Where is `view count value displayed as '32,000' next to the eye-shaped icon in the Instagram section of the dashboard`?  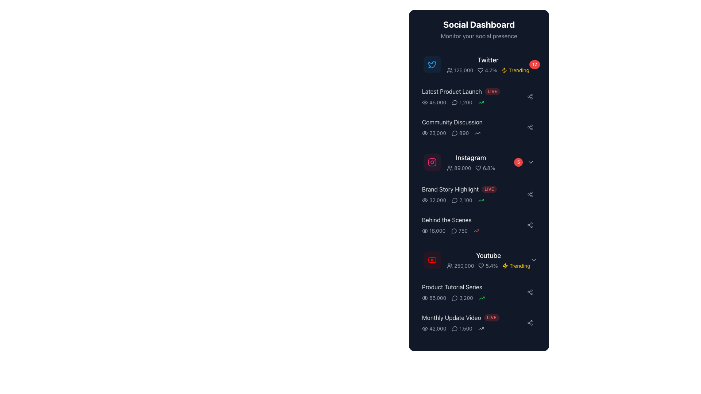
view count value displayed as '32,000' next to the eye-shaped icon in the Instagram section of the dashboard is located at coordinates (434, 200).